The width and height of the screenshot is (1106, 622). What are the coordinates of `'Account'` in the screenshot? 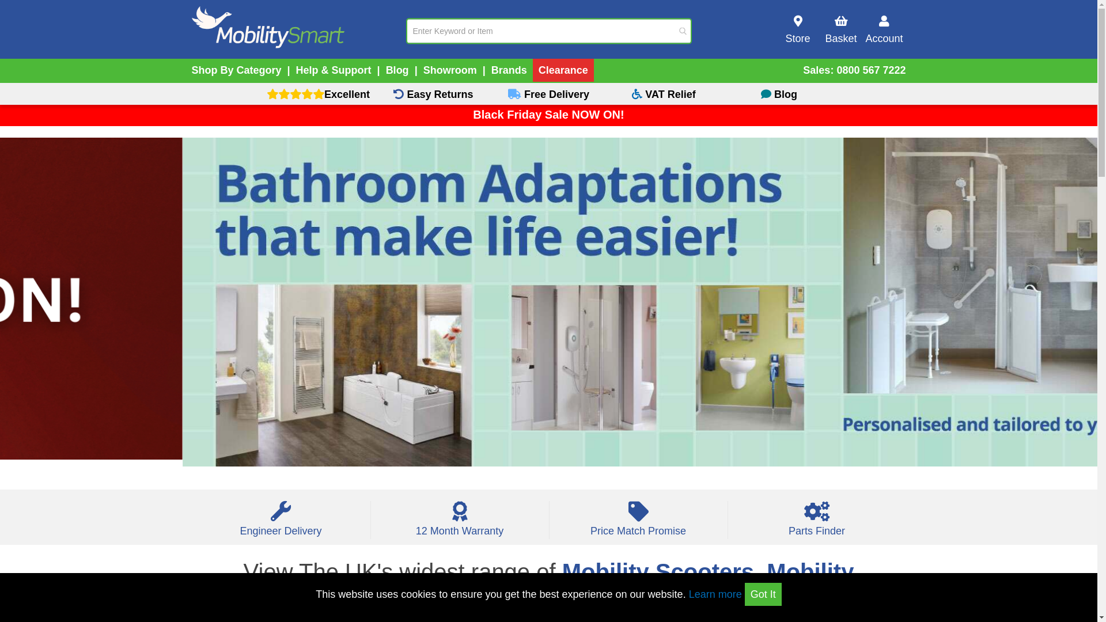 It's located at (884, 29).